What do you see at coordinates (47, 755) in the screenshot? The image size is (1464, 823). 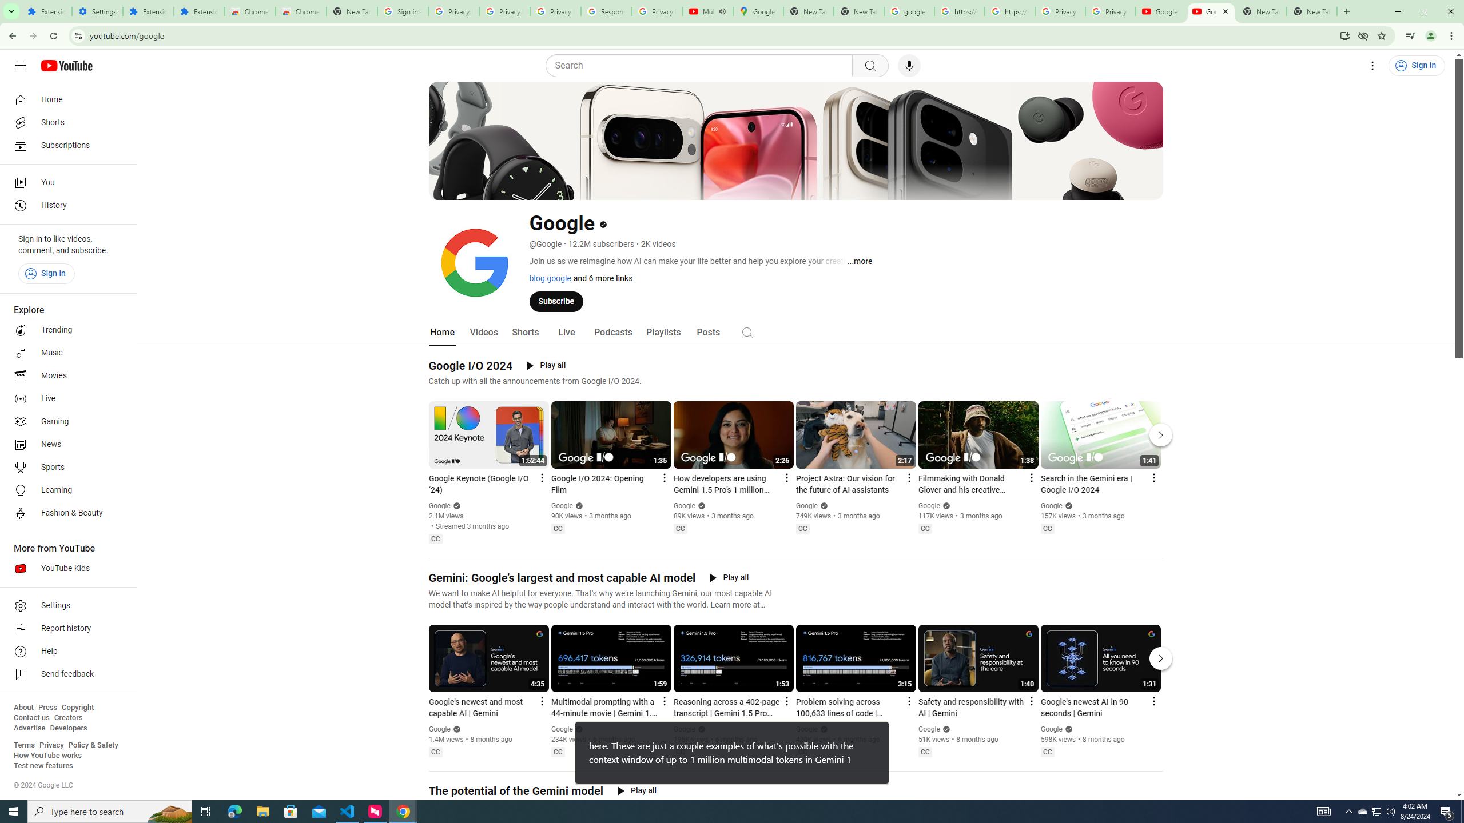 I see `'How YouTube works'` at bounding box center [47, 755].